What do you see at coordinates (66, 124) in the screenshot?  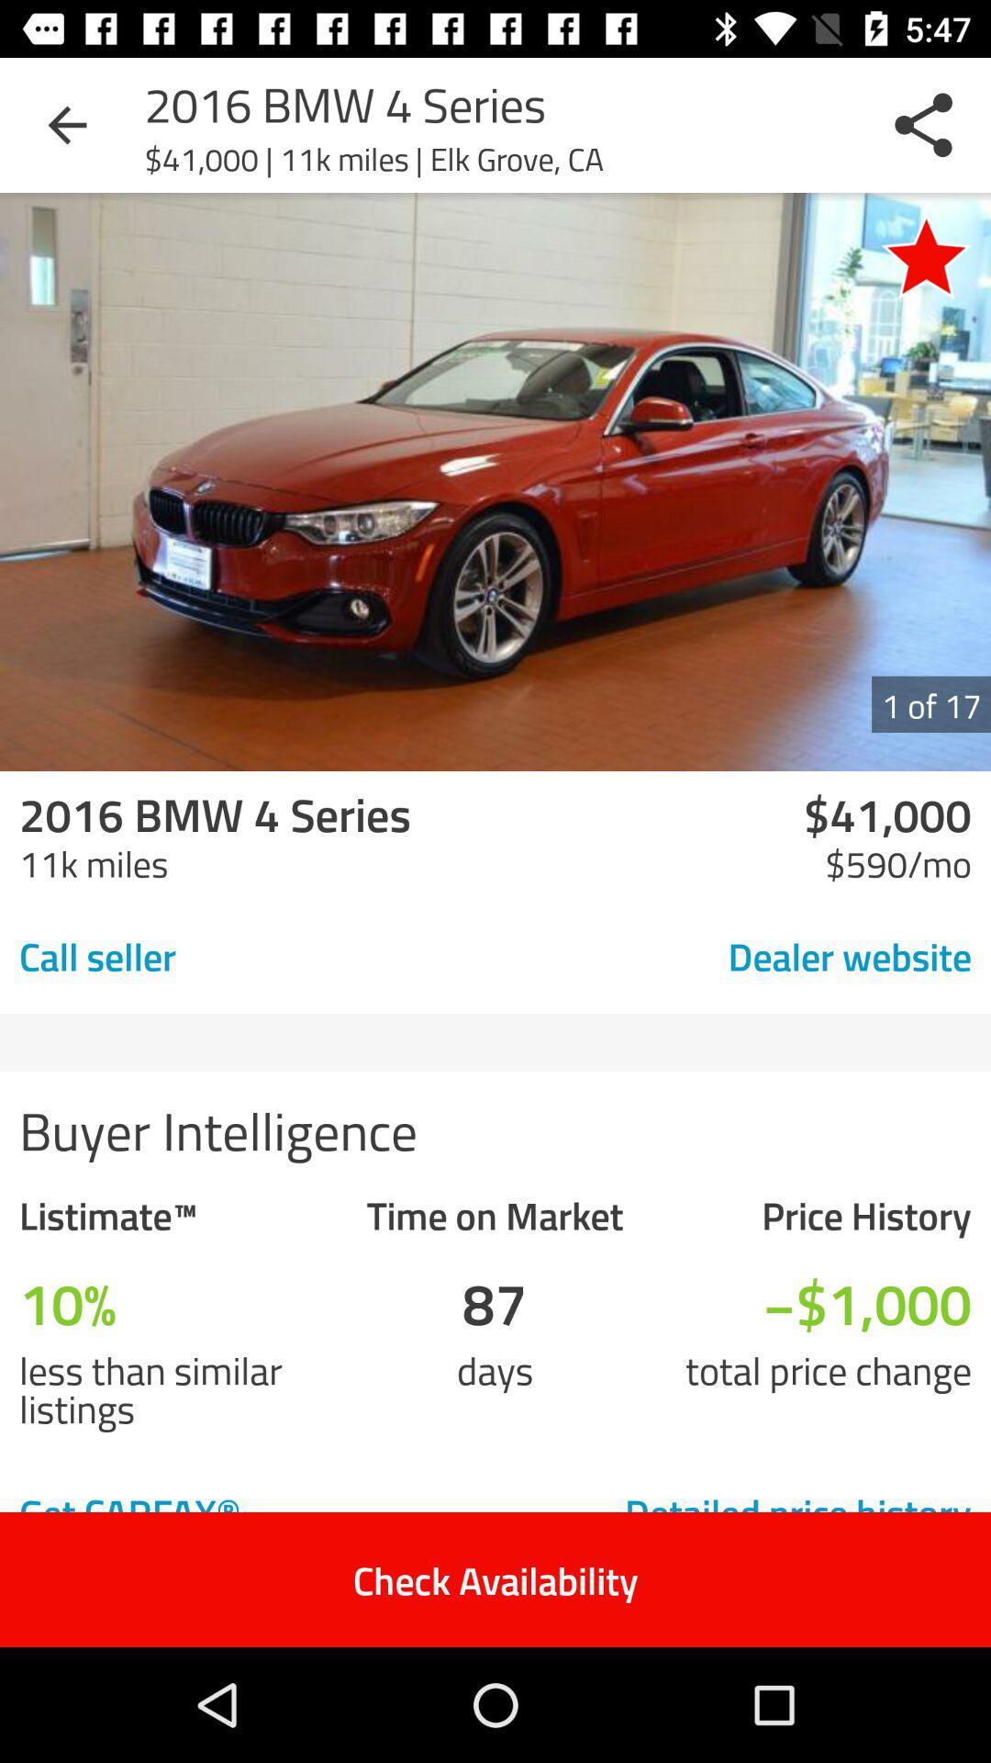 I see `icon next to 2016 bmw 4 item` at bounding box center [66, 124].